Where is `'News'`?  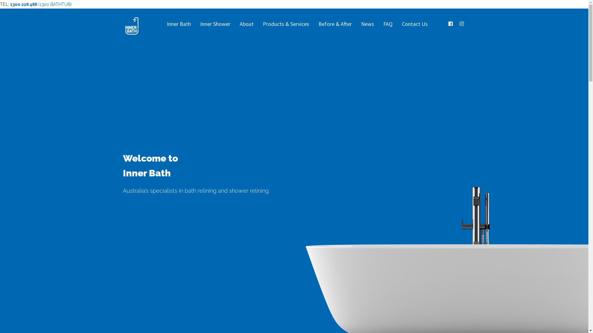 'News' is located at coordinates (368, 23).